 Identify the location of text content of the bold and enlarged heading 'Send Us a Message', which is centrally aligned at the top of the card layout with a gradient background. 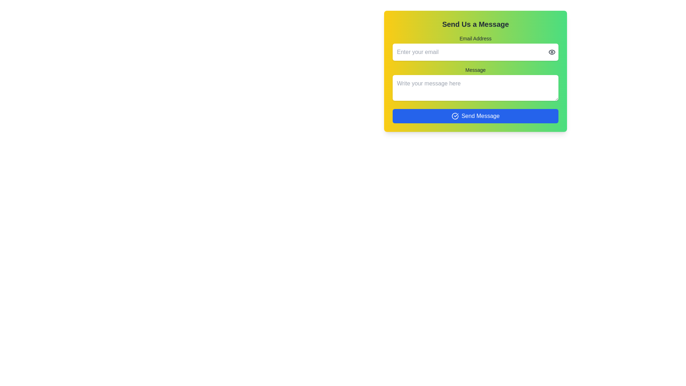
(475, 24).